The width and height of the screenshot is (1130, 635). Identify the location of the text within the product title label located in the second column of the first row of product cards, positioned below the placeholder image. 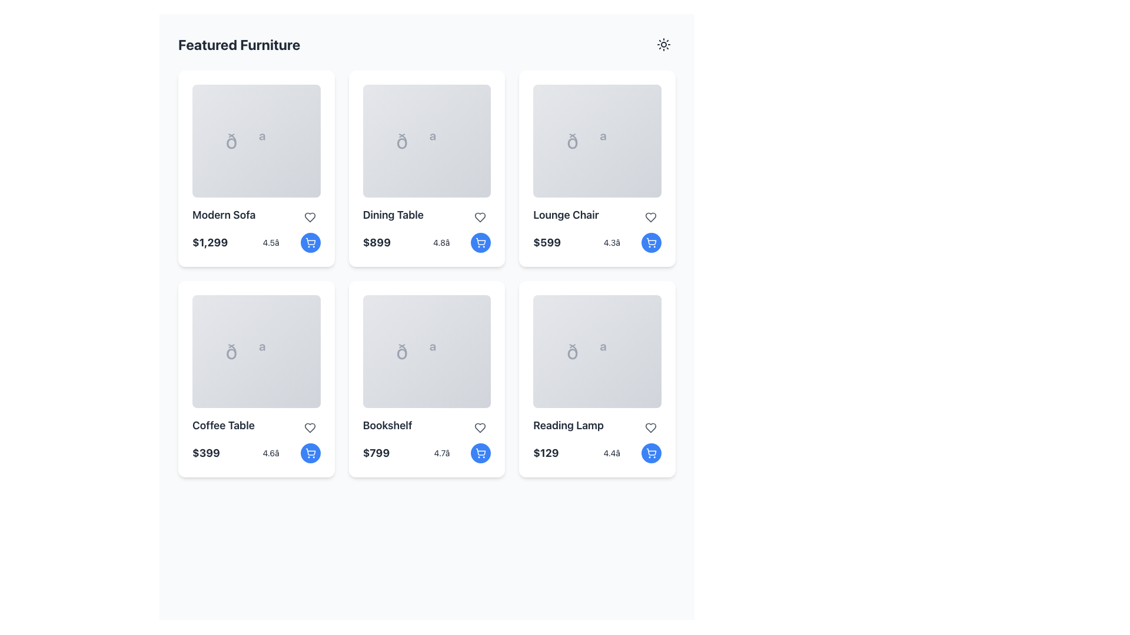
(426, 218).